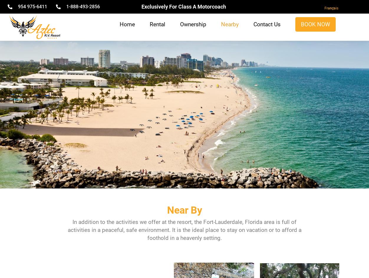 The width and height of the screenshot is (369, 278). I want to click on 'In addition to the activities we offer at the resort, the Fort-Lauderdale, Florida area is full of activities in a peaceful, safe environment. It is the ideal place to stay on vacation or to afford a foothold in a heavenly setting.', so click(184, 230).